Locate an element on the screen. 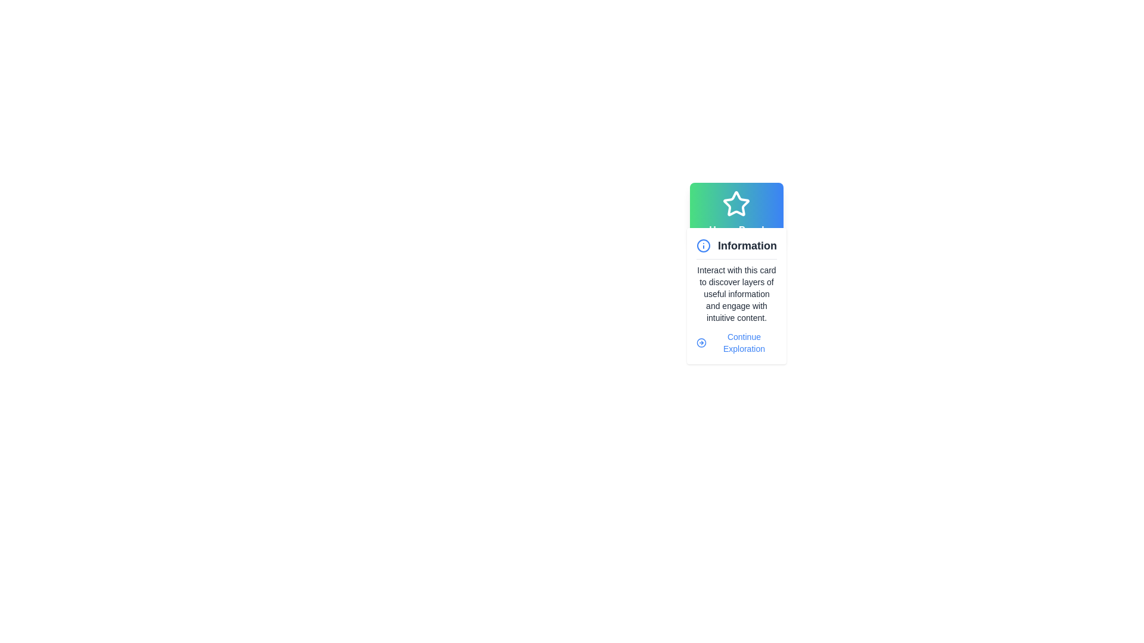  the circular blue icon with an 'i' symbol located to the left of the 'Information' label is located at coordinates (703, 245).